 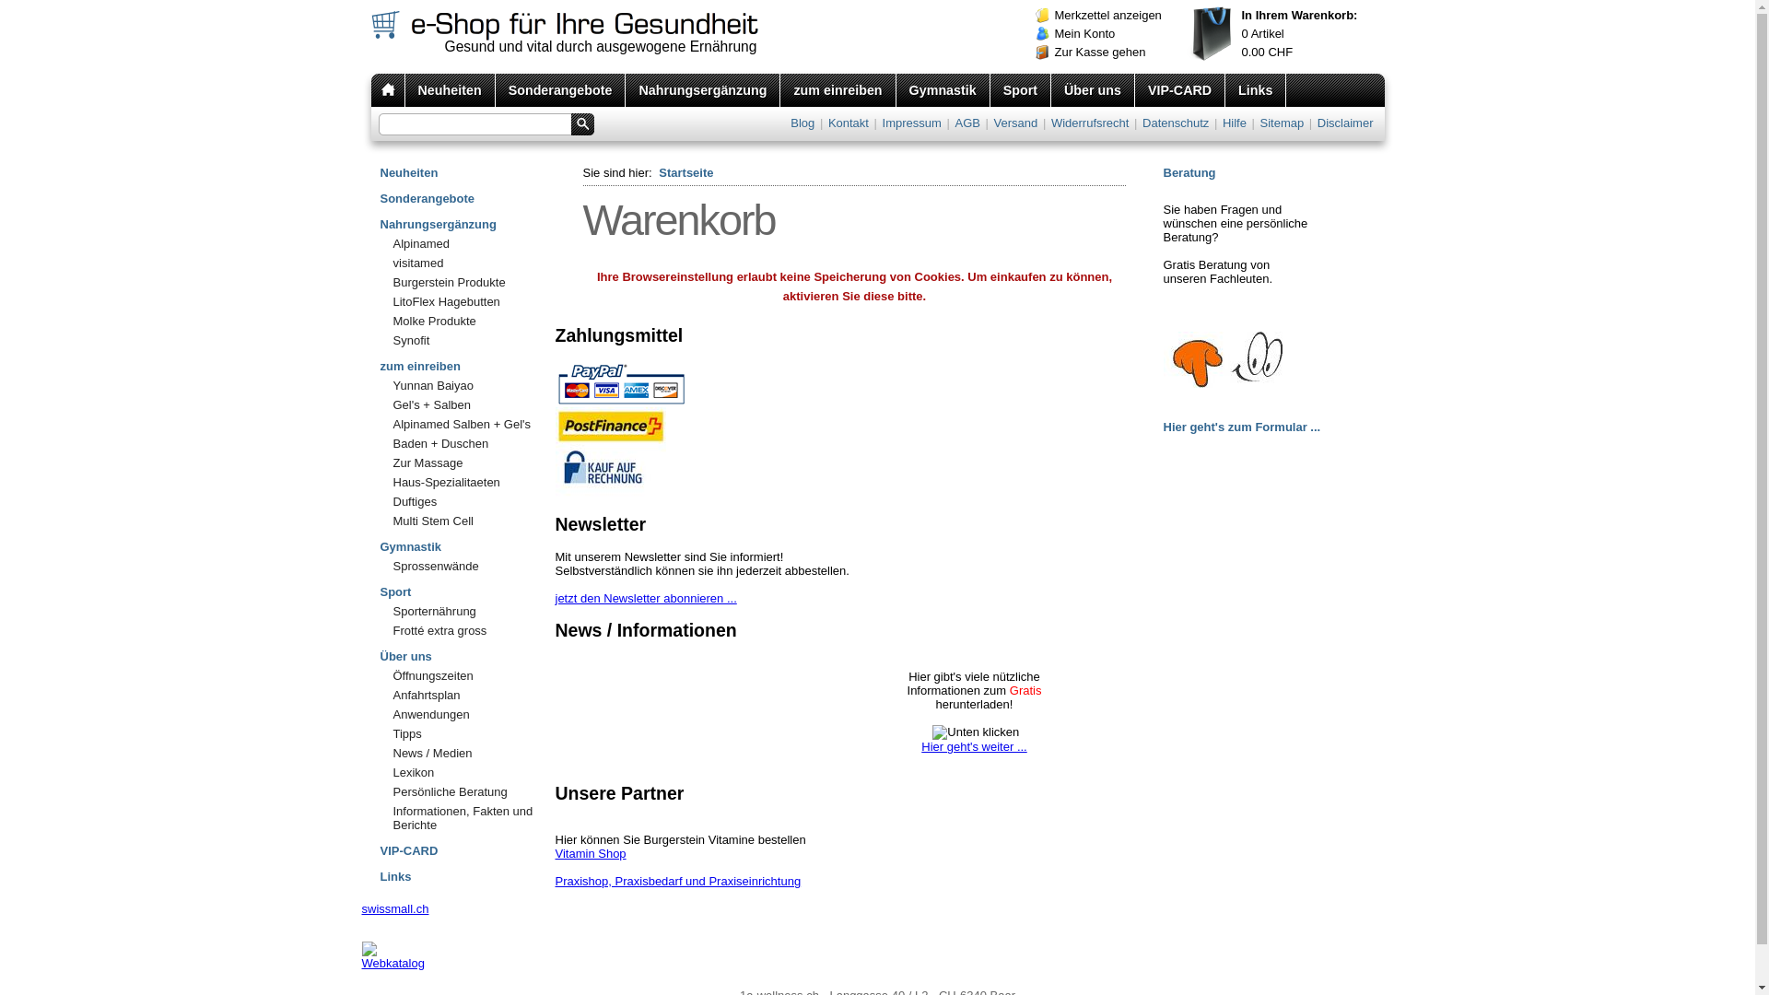 What do you see at coordinates (467, 320) in the screenshot?
I see `'Molke Produkte'` at bounding box center [467, 320].